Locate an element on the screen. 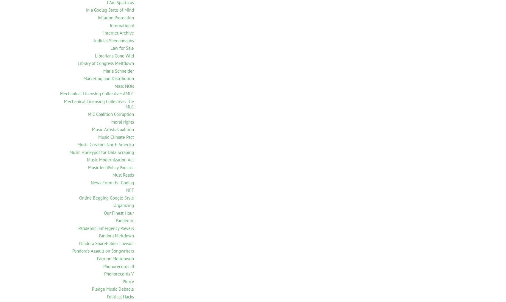 The image size is (506, 302). 'moral rights' is located at coordinates (122, 121).